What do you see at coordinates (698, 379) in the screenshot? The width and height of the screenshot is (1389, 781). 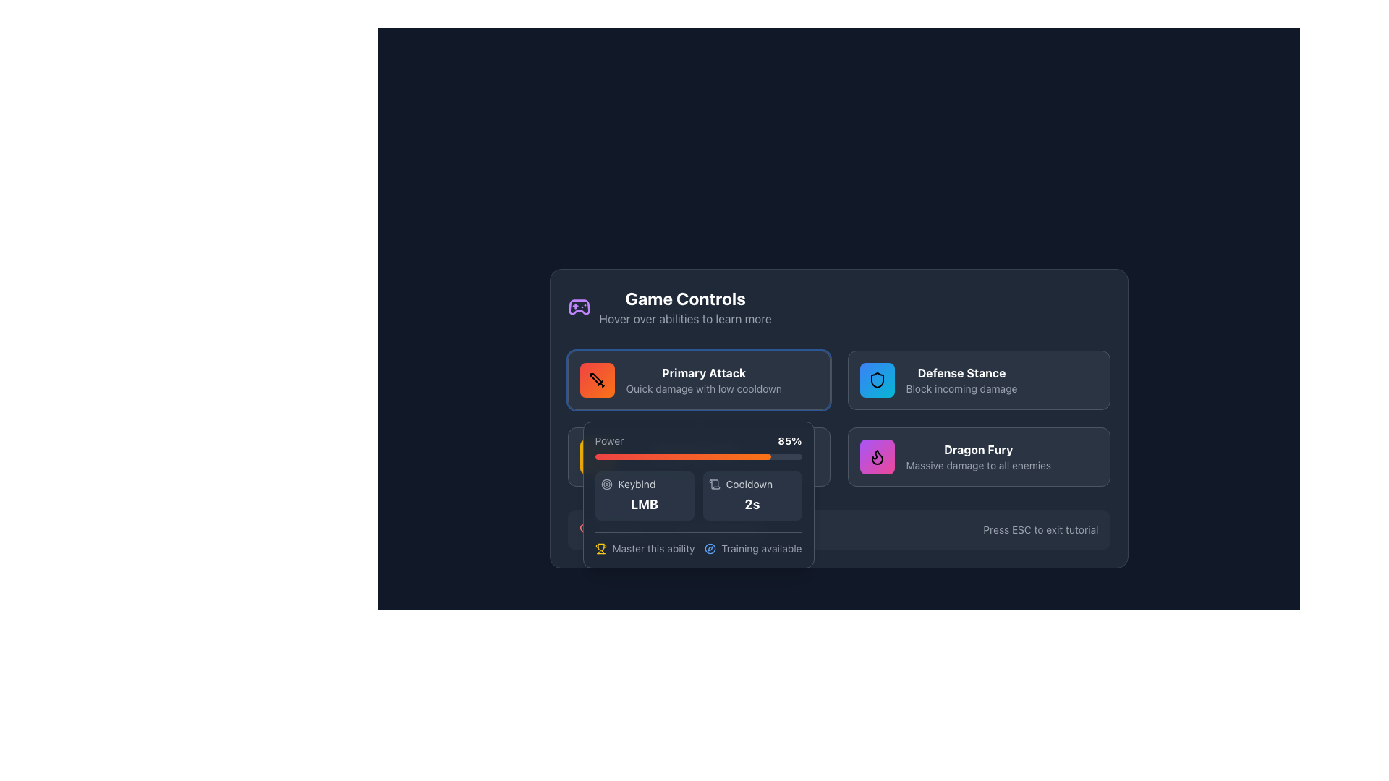 I see `the interactive information card that describes the 'Primary Attack' ability, located in the top-left corner of the grid under the 'Game Controls' section header` at bounding box center [698, 379].